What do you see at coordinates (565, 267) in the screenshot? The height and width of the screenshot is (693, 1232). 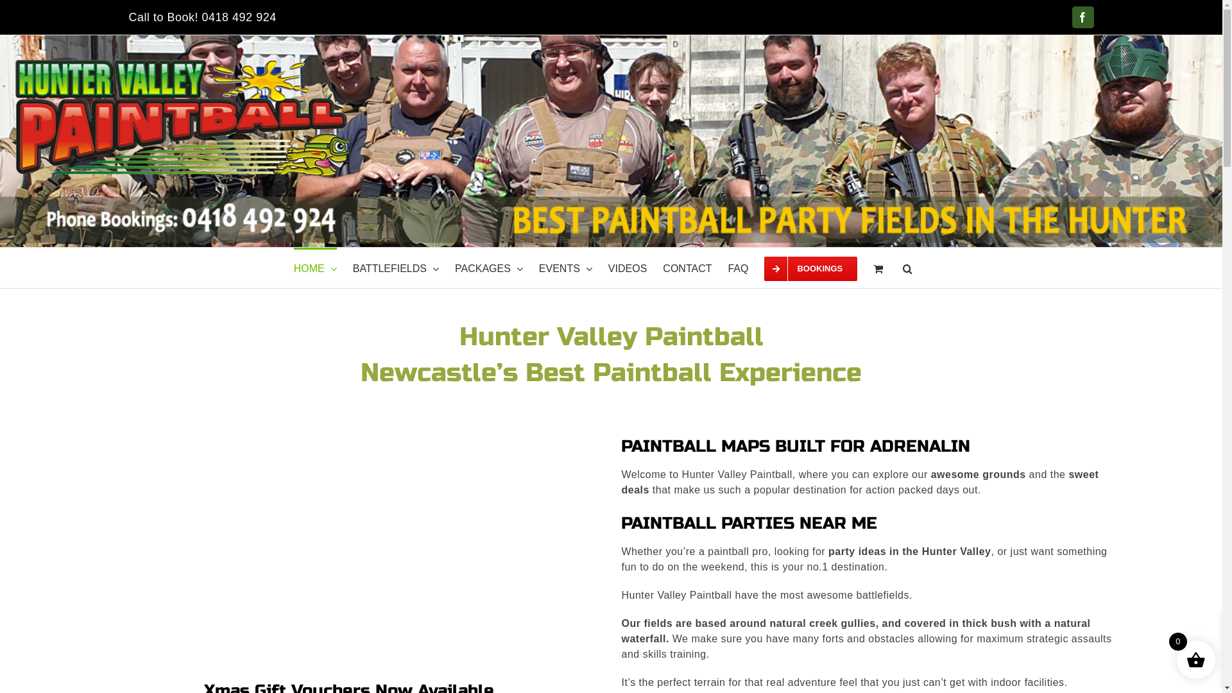 I see `'EVENTS'` at bounding box center [565, 267].